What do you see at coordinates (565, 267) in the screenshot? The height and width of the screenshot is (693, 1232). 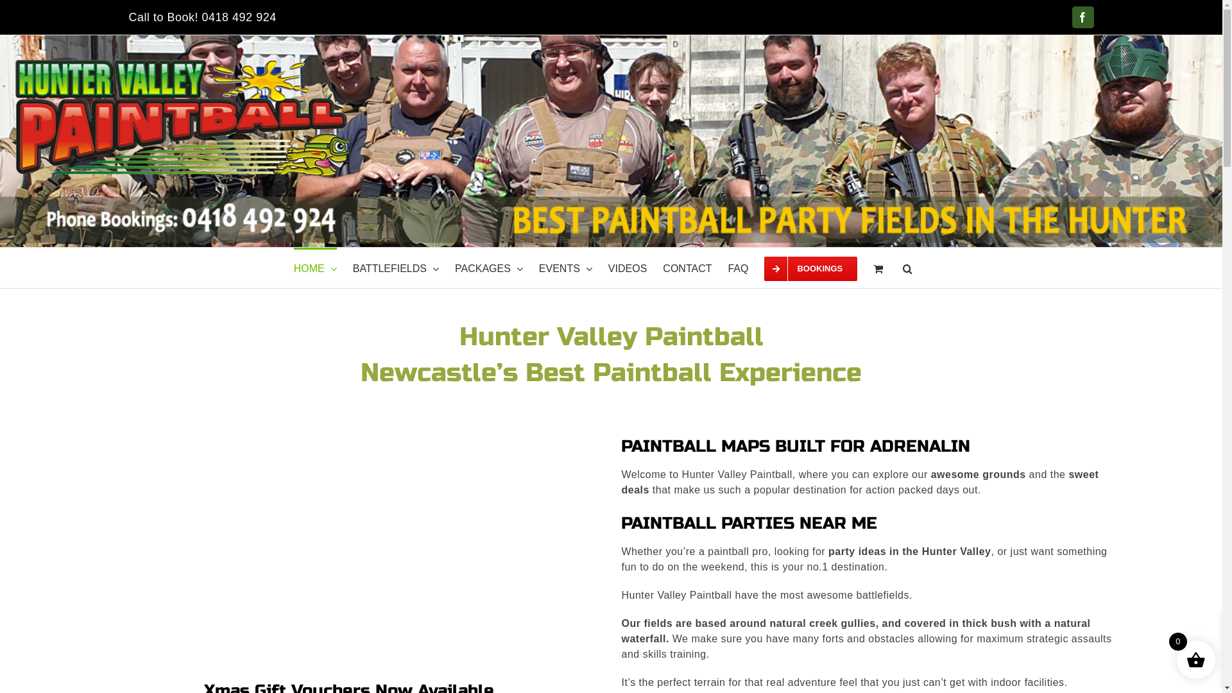 I see `'EVENTS'` at bounding box center [565, 267].